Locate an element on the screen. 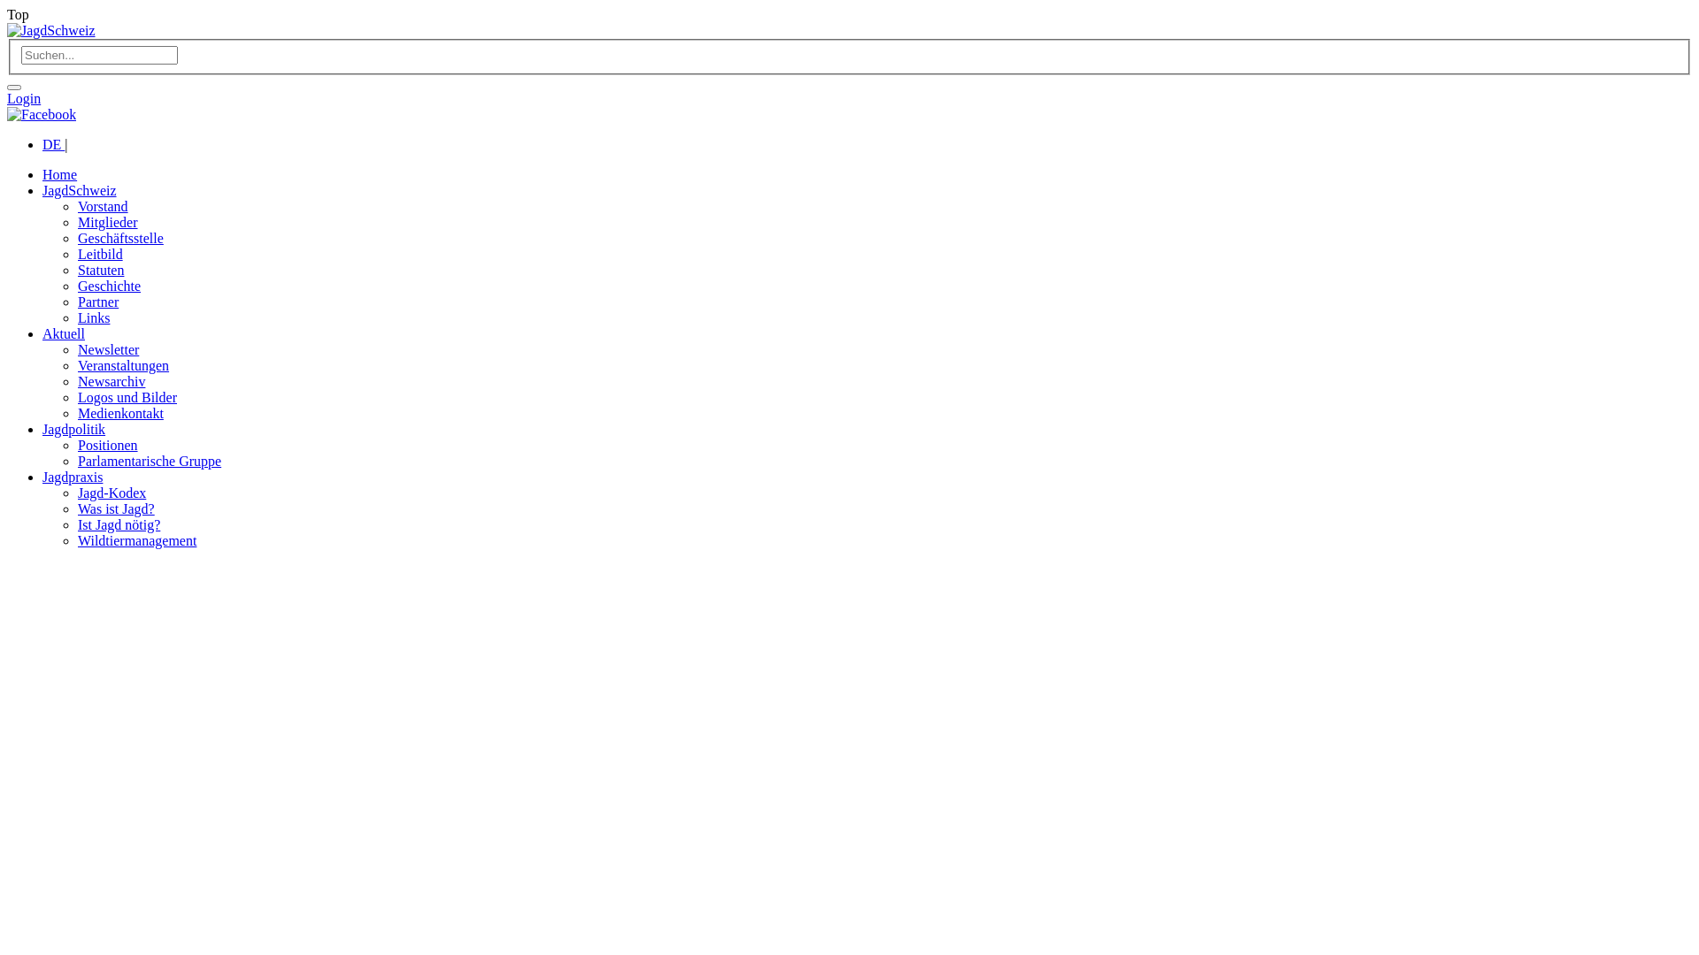 The image size is (1699, 955). 'Logos und Bilder' is located at coordinates (127, 396).